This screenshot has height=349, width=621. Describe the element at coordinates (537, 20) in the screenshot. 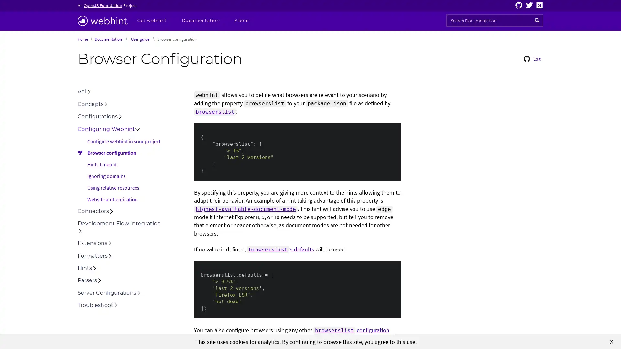

I see `search` at that location.